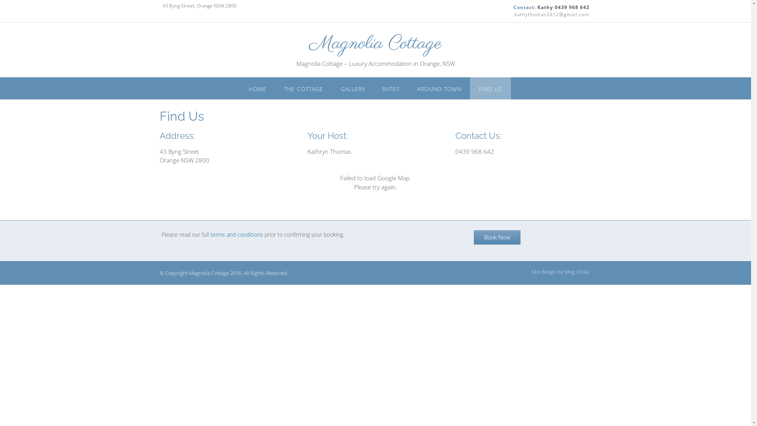 The image size is (757, 426). Describe the element at coordinates (551, 15) in the screenshot. I see `'kathythomas2612@gmail.com'` at that location.